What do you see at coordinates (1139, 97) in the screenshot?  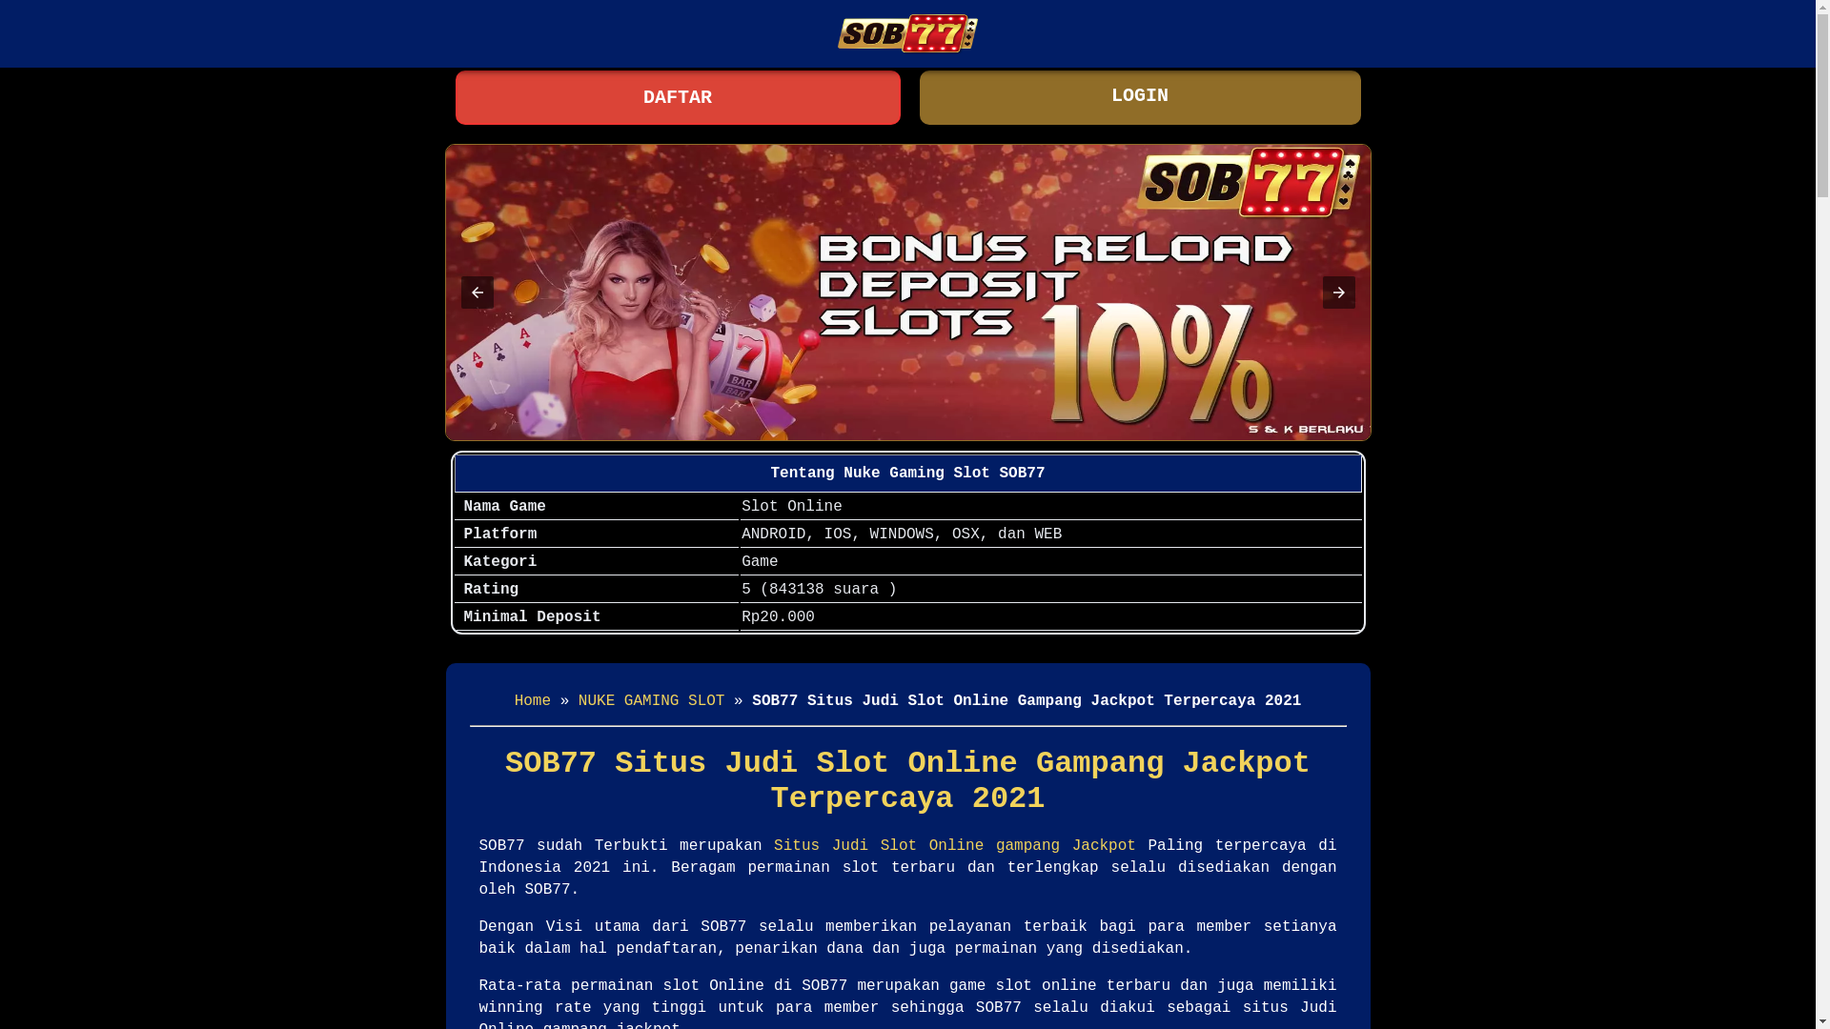 I see `'LOGIN'` at bounding box center [1139, 97].